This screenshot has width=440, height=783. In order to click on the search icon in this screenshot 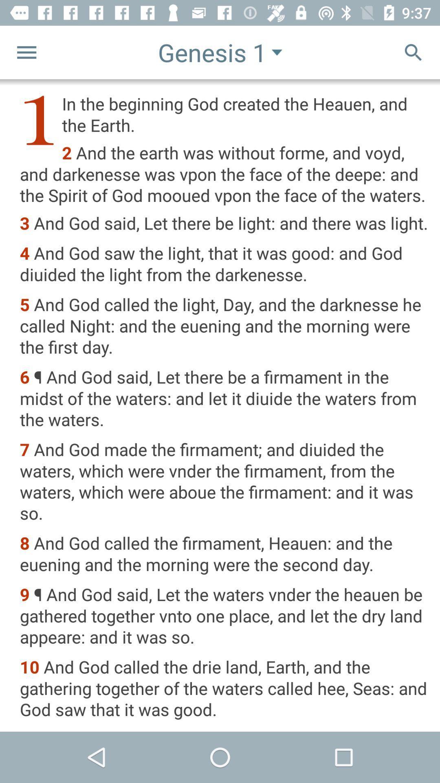, I will do `click(413, 52)`.